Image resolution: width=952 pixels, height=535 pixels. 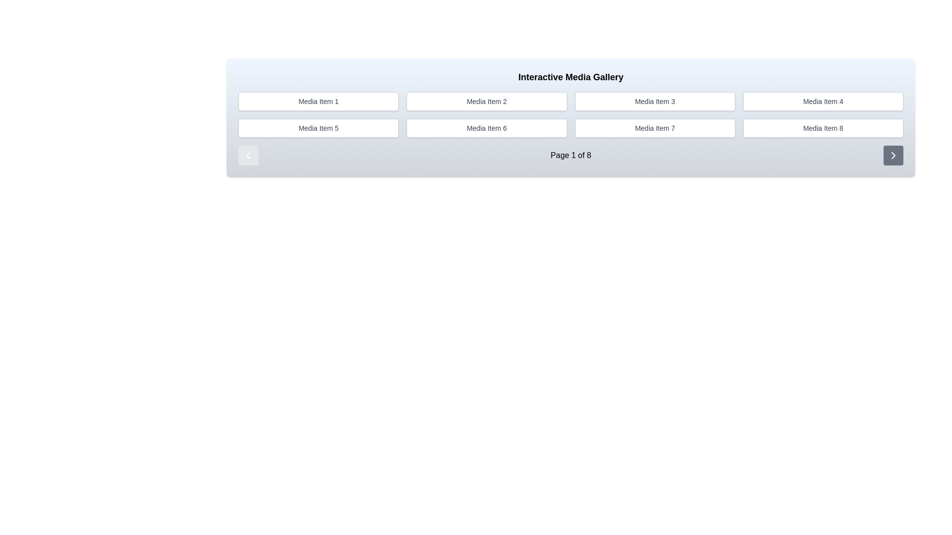 I want to click on the button labeled 'Media Item 1', which is a rectangular button with a white background and gray border, so click(x=318, y=101).